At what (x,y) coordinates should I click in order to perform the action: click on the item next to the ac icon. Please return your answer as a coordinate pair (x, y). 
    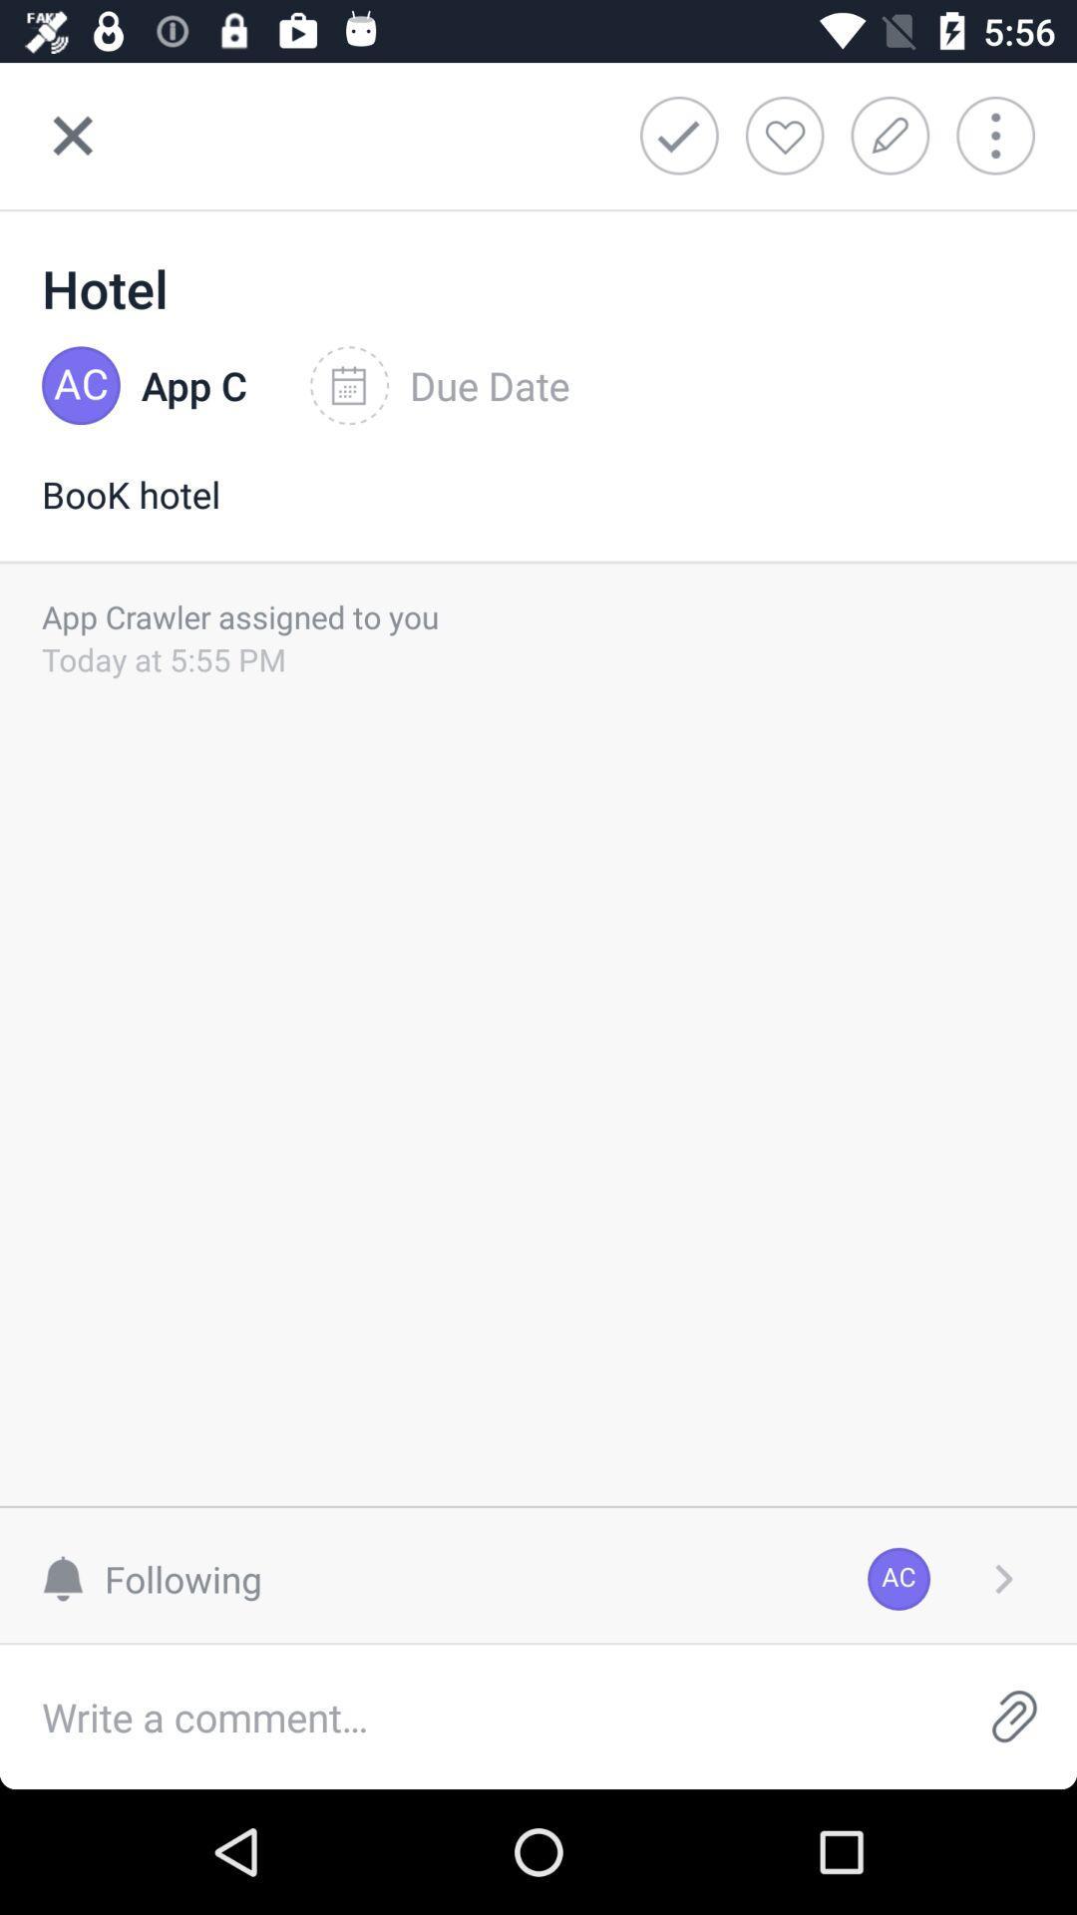
    Looking at the image, I should click on (161, 1578).